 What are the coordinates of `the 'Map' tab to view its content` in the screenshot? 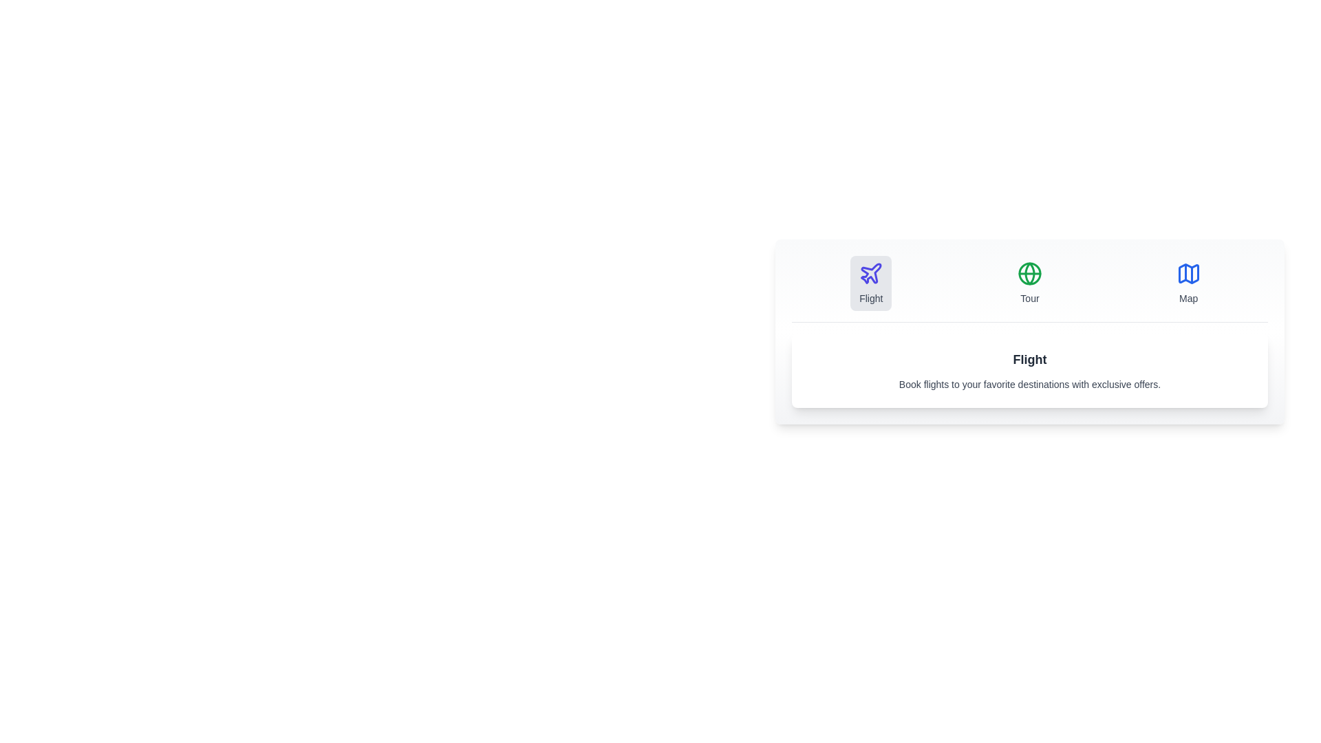 It's located at (1188, 283).